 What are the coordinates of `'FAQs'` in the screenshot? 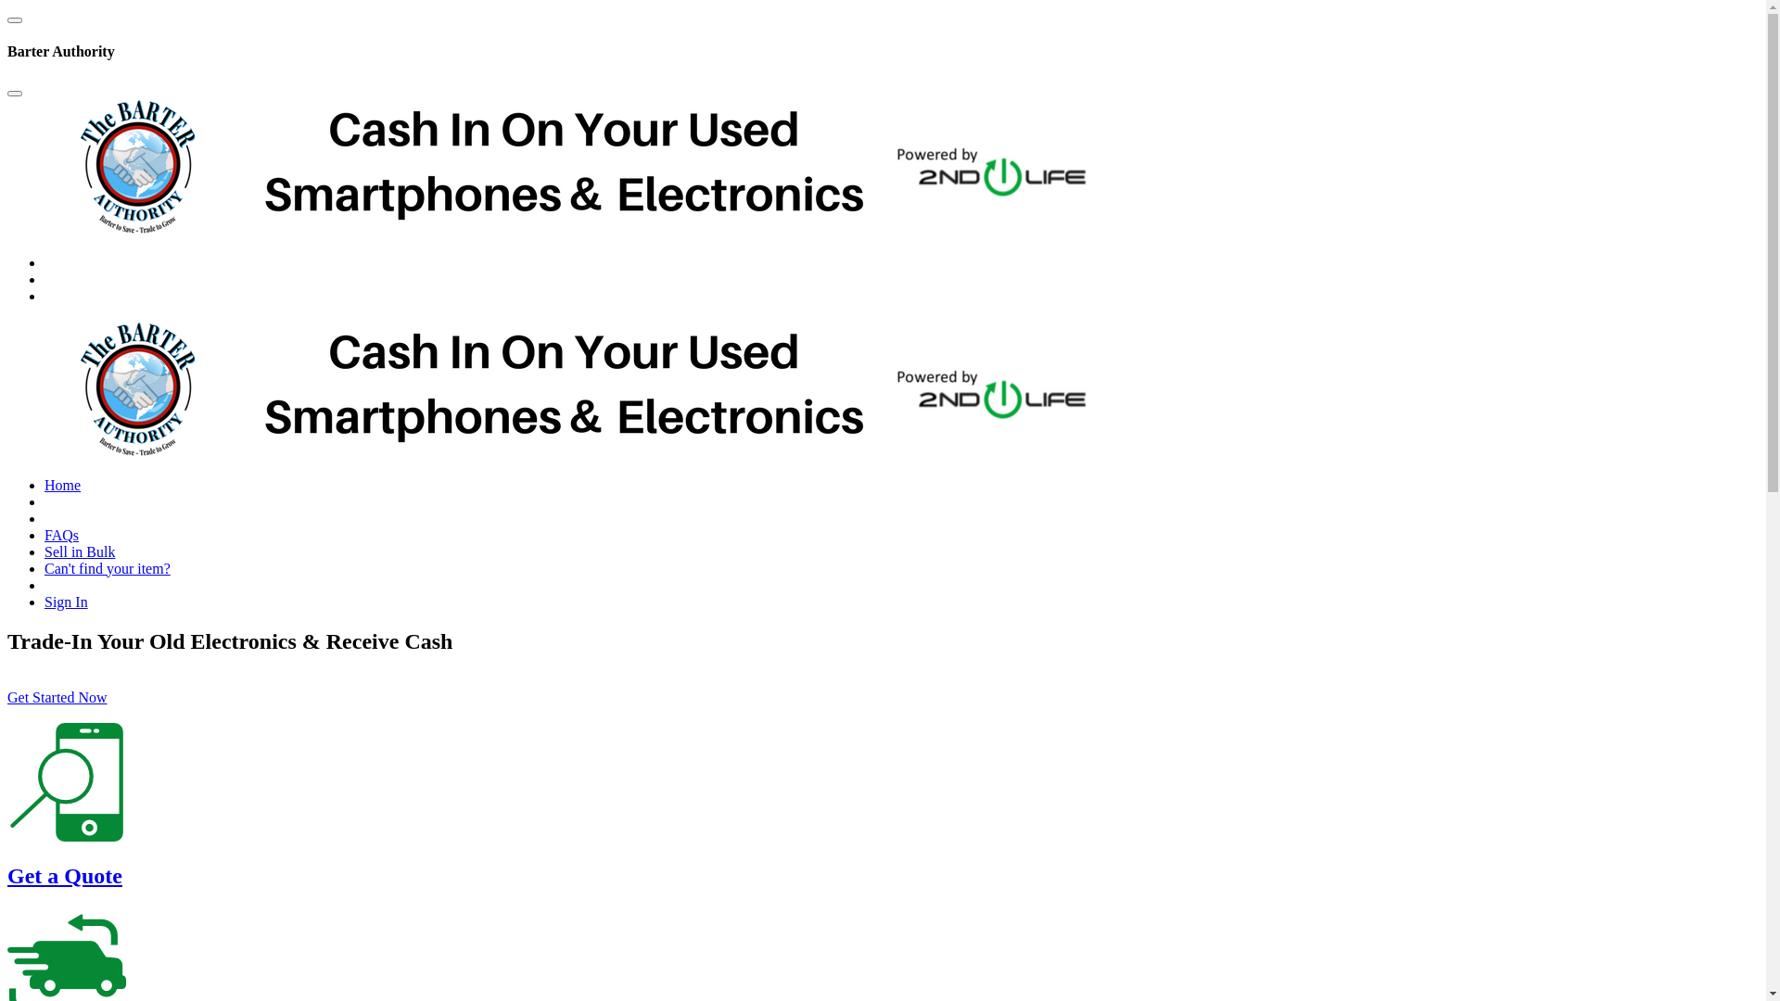 It's located at (61, 535).